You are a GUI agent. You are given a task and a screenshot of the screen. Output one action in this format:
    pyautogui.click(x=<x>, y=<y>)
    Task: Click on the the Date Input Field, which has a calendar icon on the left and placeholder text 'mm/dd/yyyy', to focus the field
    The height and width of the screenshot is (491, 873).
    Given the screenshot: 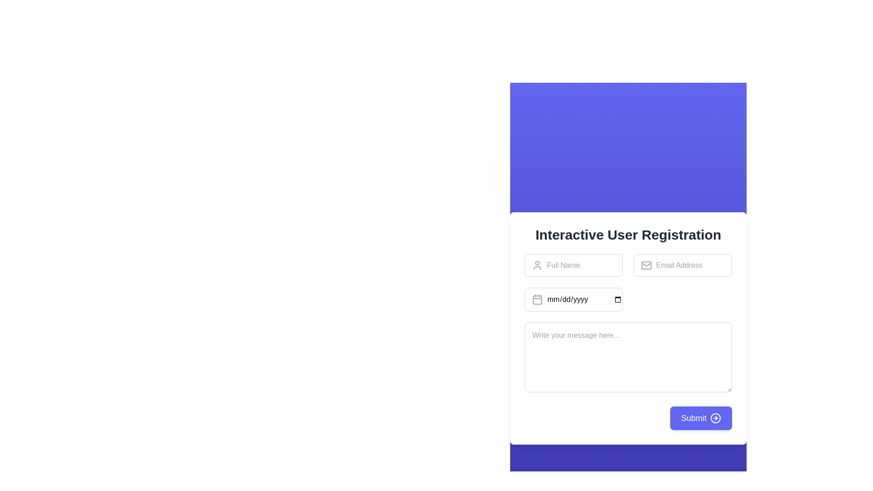 What is the action you would take?
    pyautogui.click(x=573, y=299)
    